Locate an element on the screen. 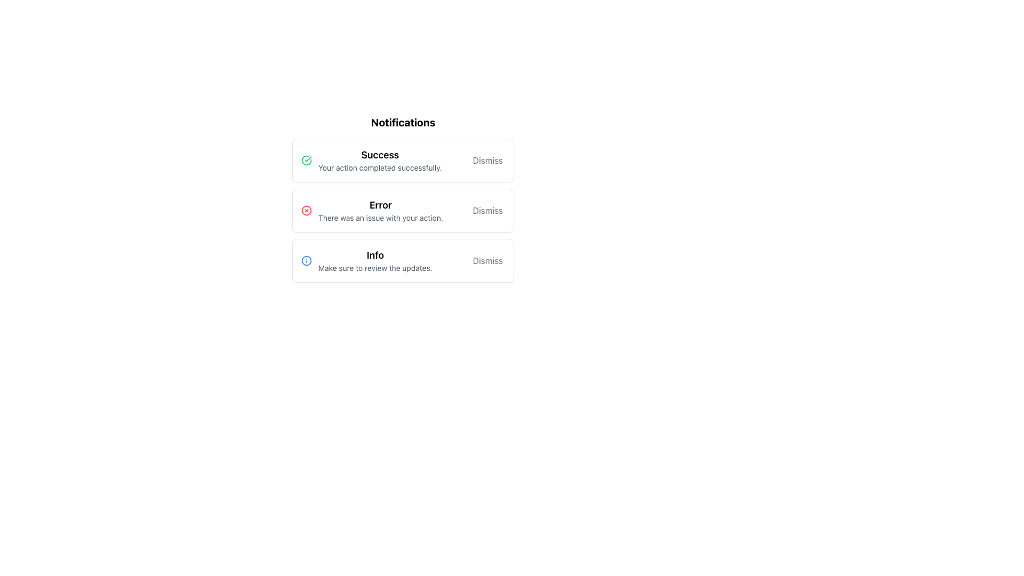 This screenshot has height=576, width=1024. the icon representing information or guidance located at the leftmost side of the bottommost message block titled 'Info' in the notifications section, adjacent to the text 'InfoMake sure to review the updates.' is located at coordinates (306, 261).